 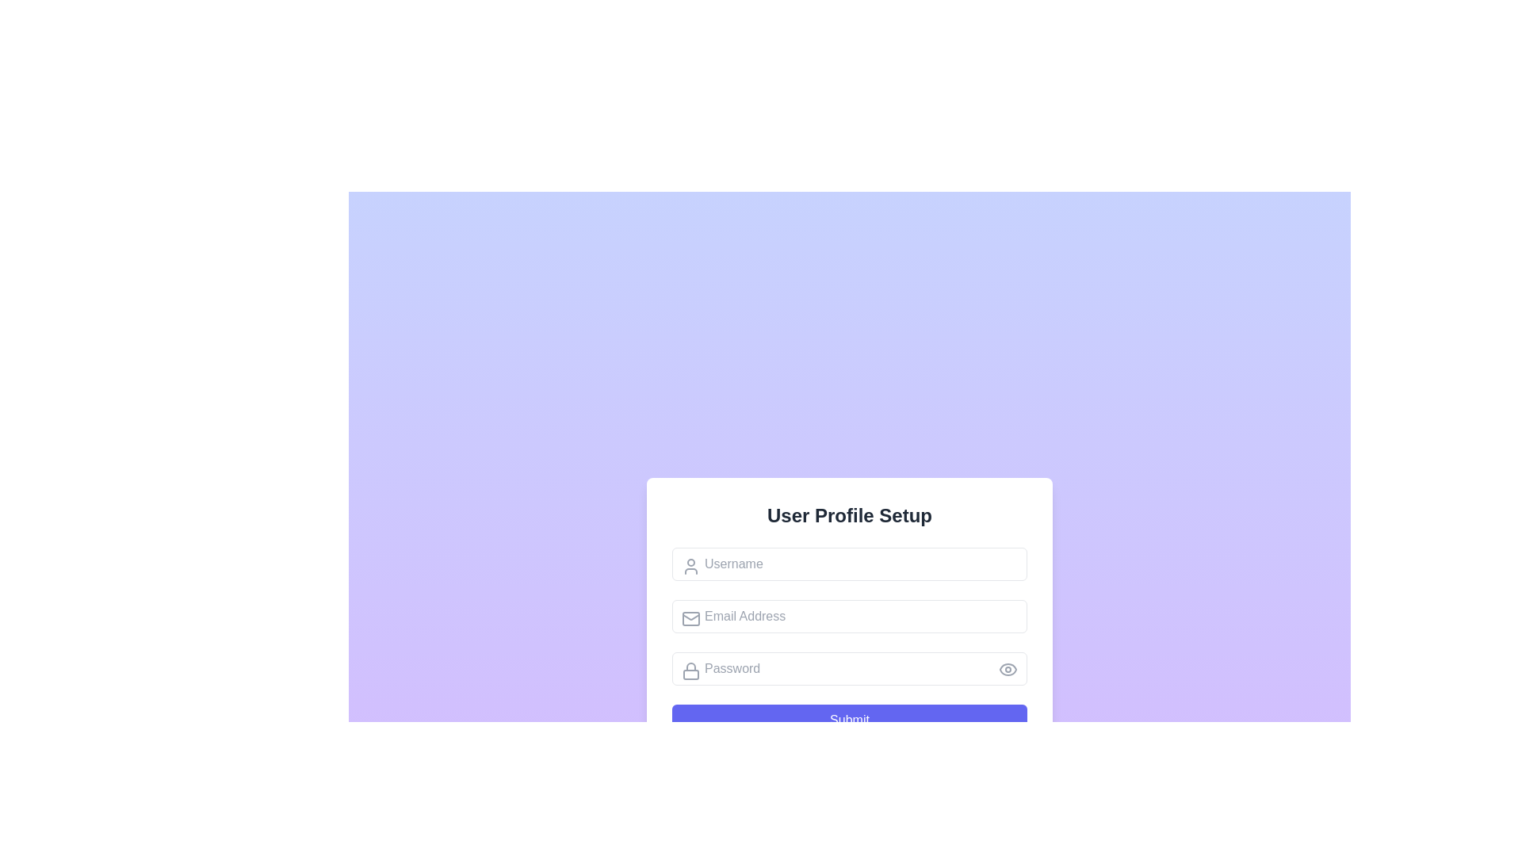 I want to click on the rectangular shape with rounded corners of the lock icon, which is positioned to the left of the 'Password' input field, so click(x=691, y=674).